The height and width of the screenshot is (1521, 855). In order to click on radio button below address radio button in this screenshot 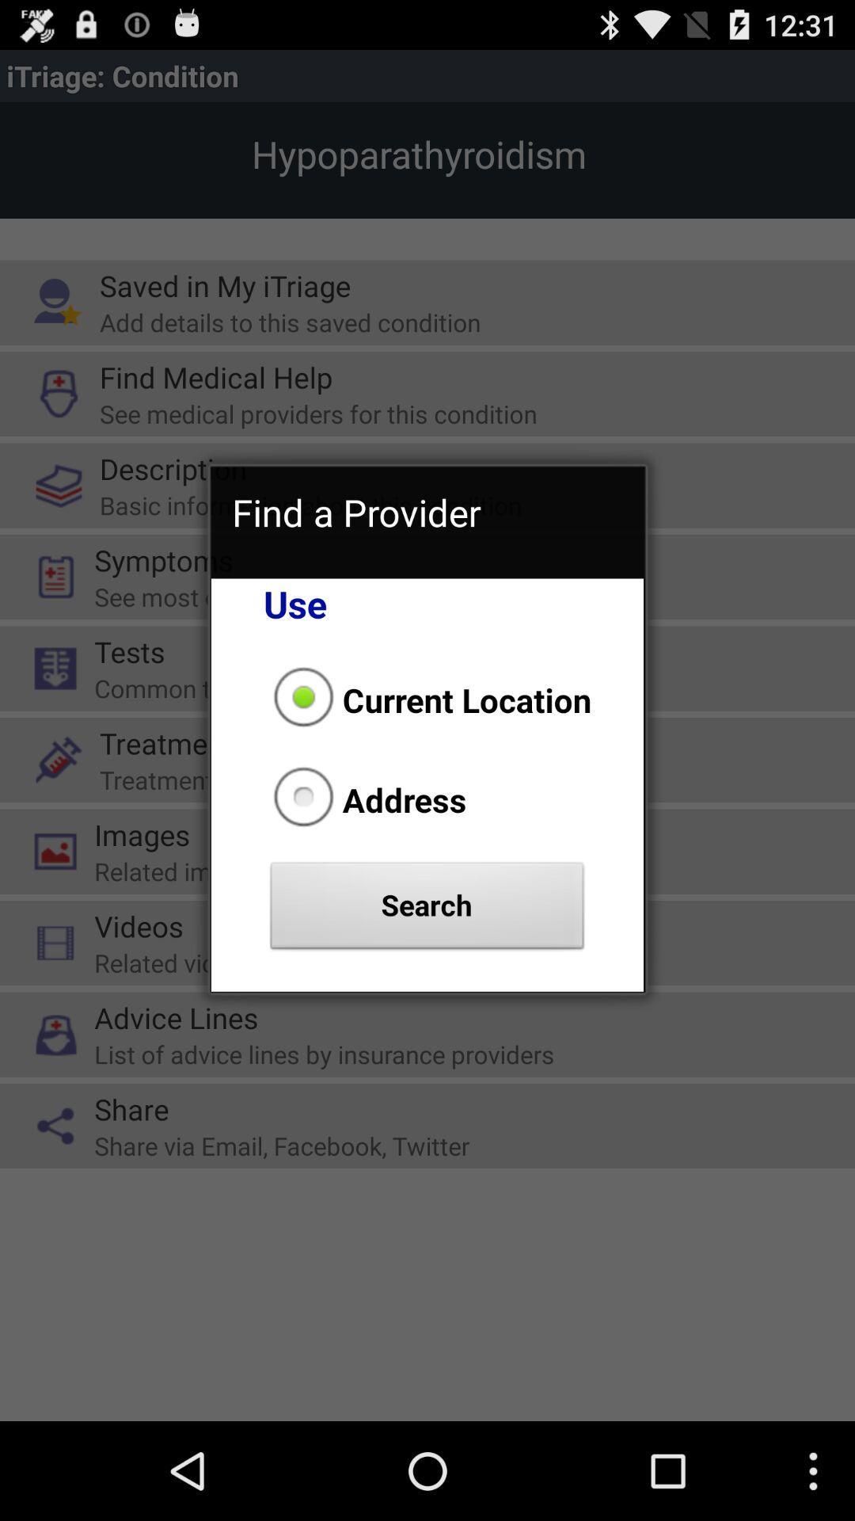, I will do `click(427, 909)`.